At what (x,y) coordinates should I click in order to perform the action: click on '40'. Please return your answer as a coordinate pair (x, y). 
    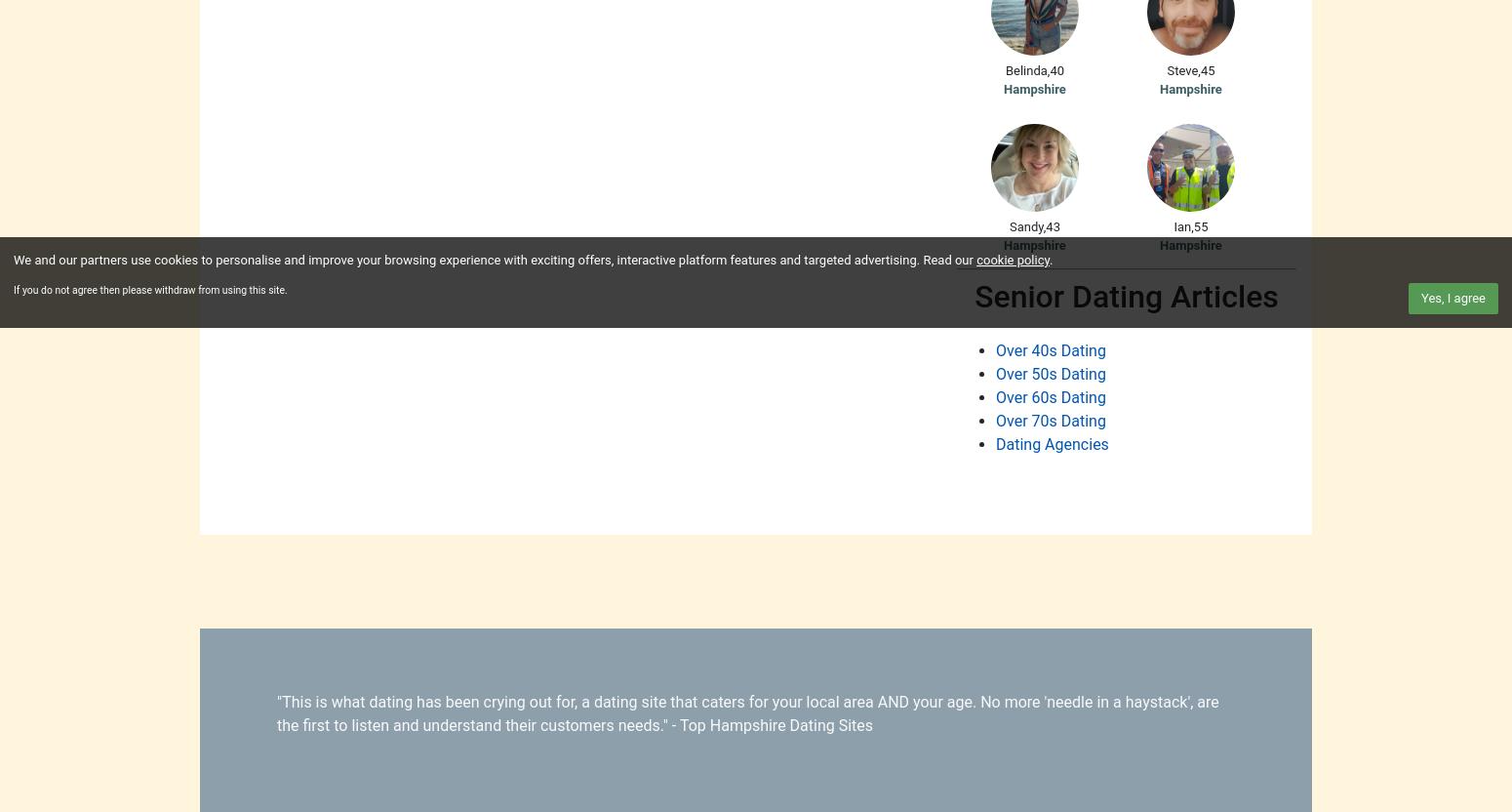
    Looking at the image, I should click on (1056, 68).